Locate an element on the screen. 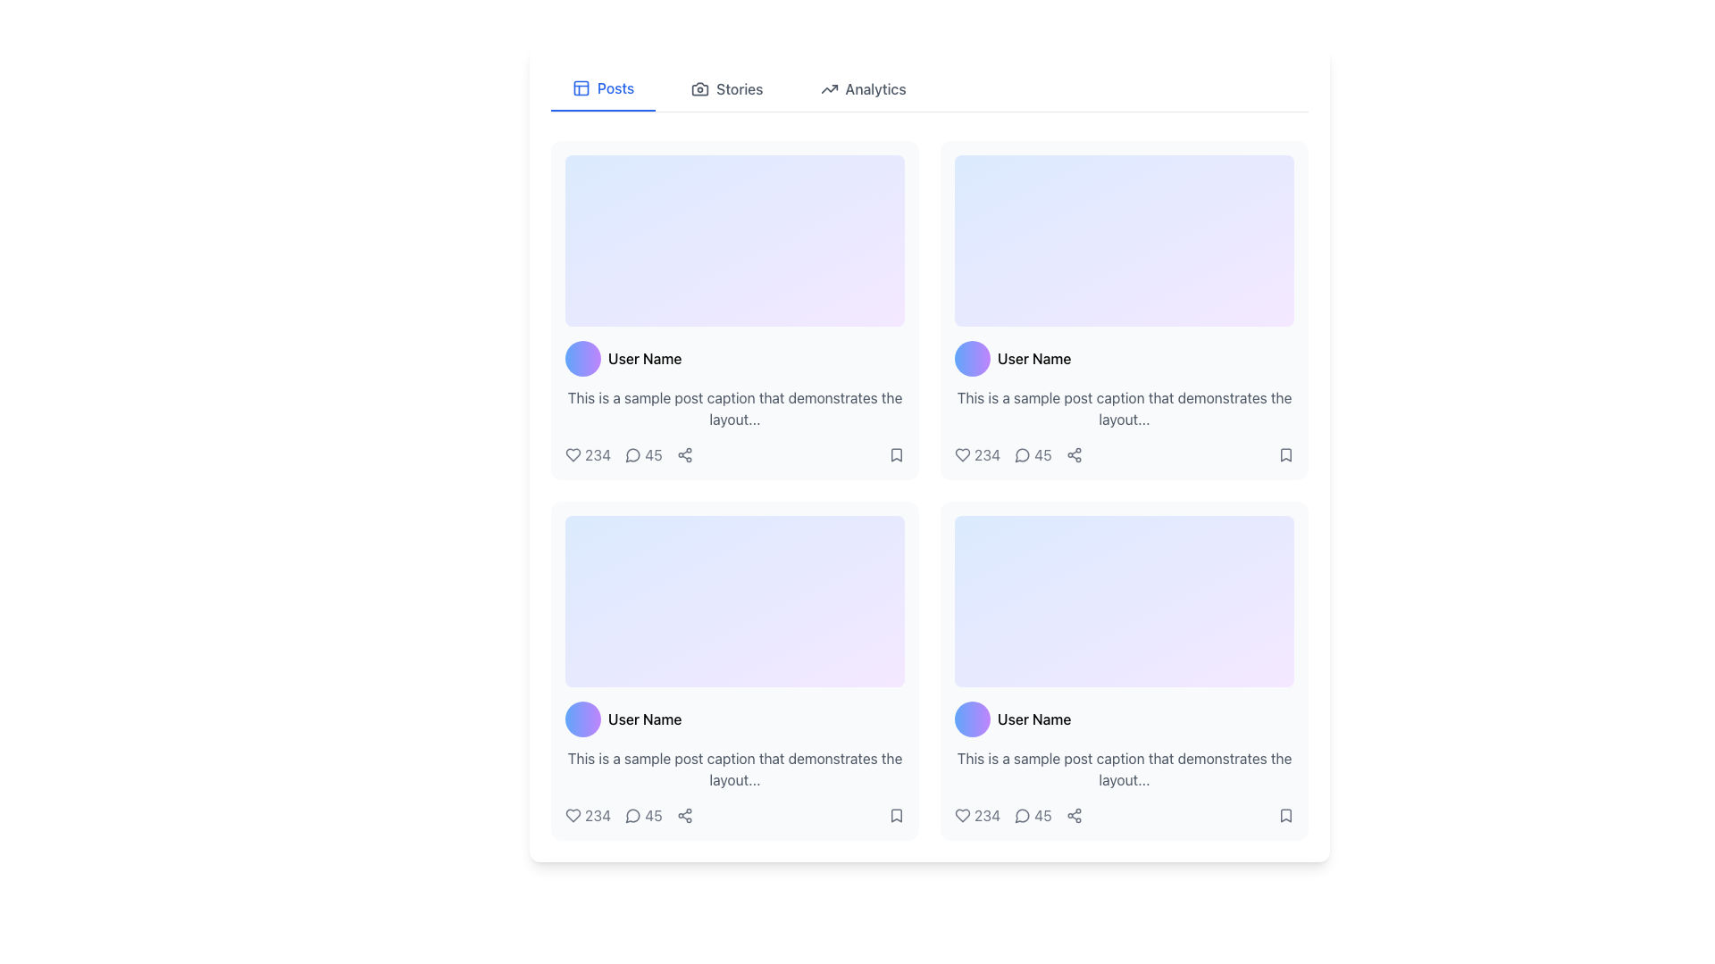  the like or favorite button located is located at coordinates (587, 453).